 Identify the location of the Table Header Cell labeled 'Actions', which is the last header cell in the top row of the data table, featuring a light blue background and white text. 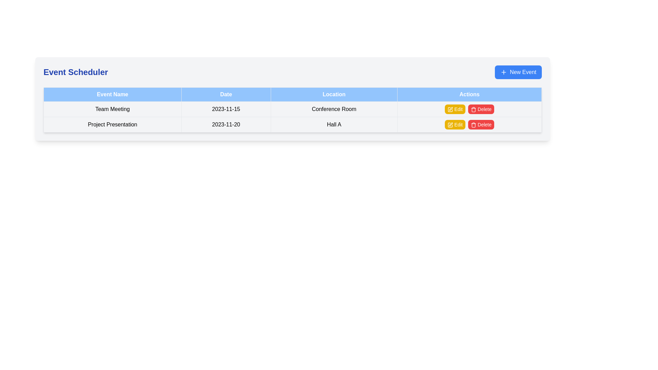
(469, 95).